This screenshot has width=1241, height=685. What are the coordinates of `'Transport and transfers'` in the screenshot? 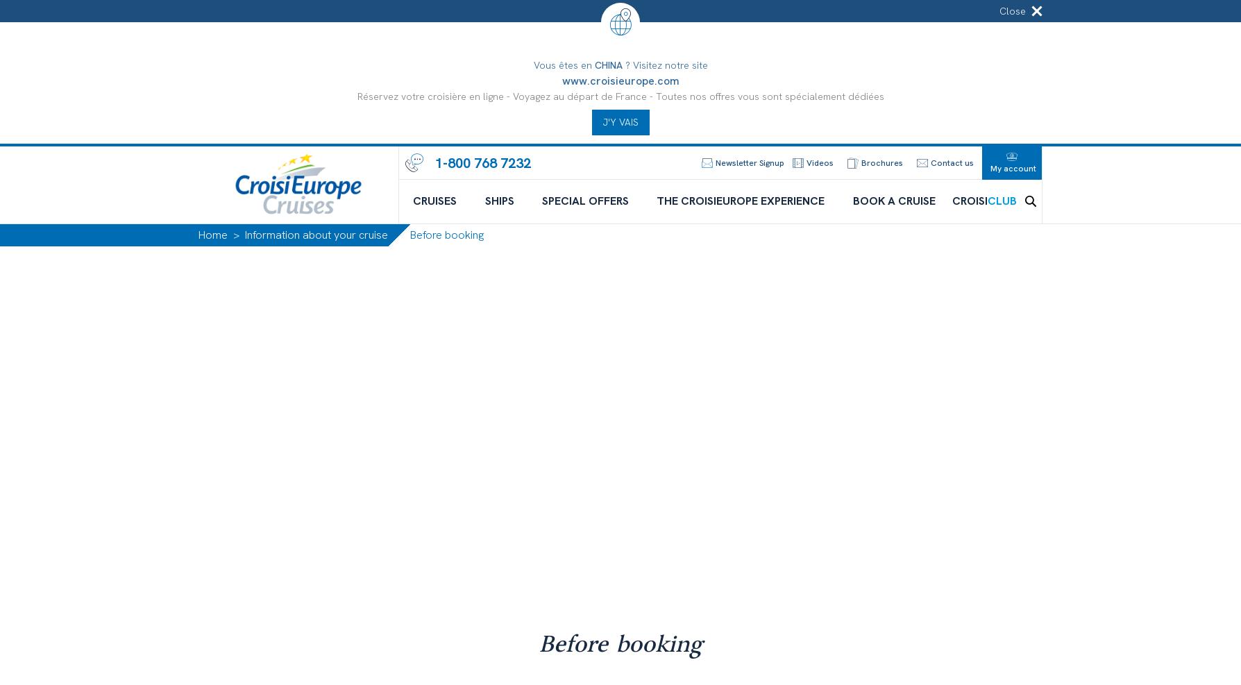 It's located at (620, 391).